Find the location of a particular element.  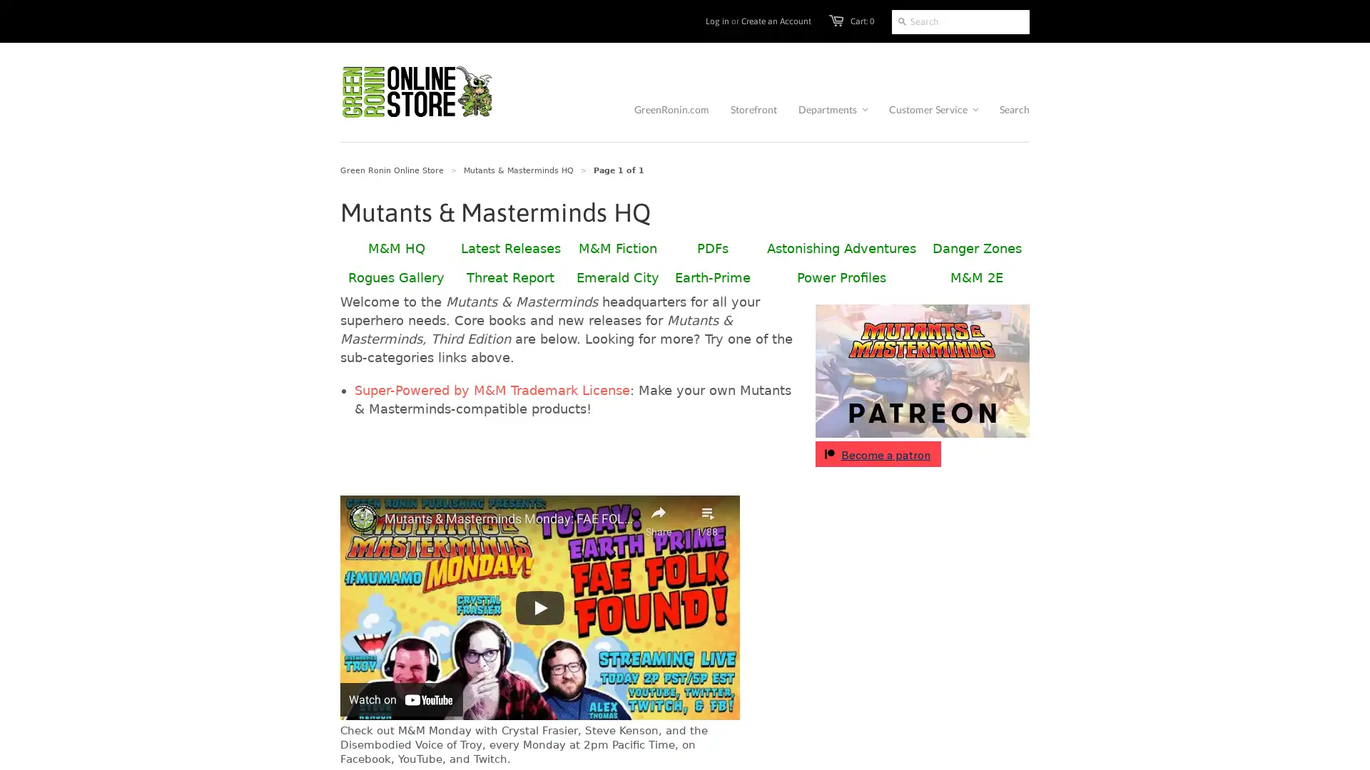

Go is located at coordinates (901, 21).